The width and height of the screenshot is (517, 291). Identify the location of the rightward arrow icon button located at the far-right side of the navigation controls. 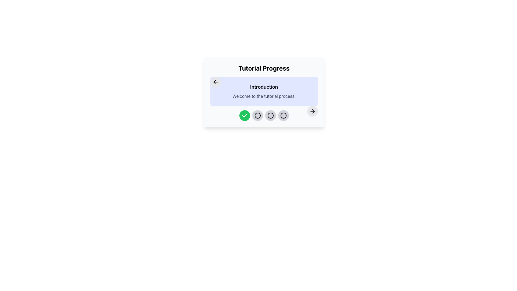
(312, 111).